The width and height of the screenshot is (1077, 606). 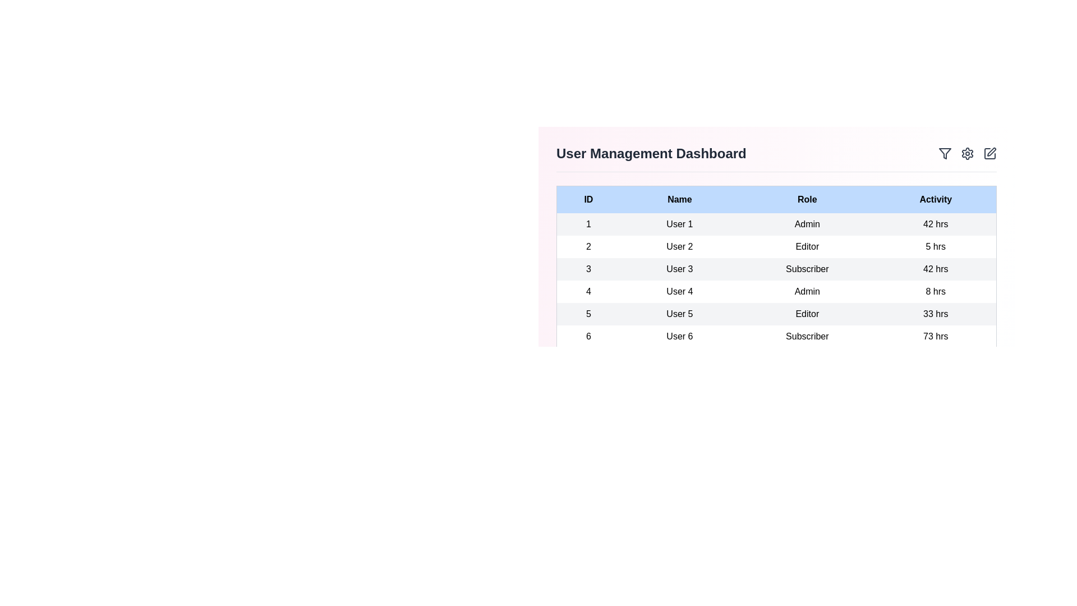 I want to click on the row corresponding to user ID 2, so click(x=776, y=246).